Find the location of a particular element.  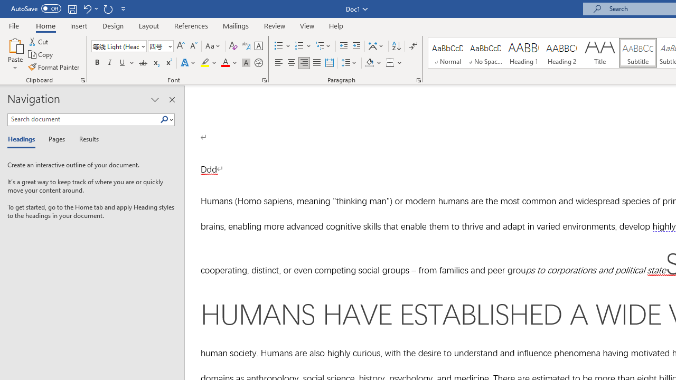

'Justify' is located at coordinates (316, 63).